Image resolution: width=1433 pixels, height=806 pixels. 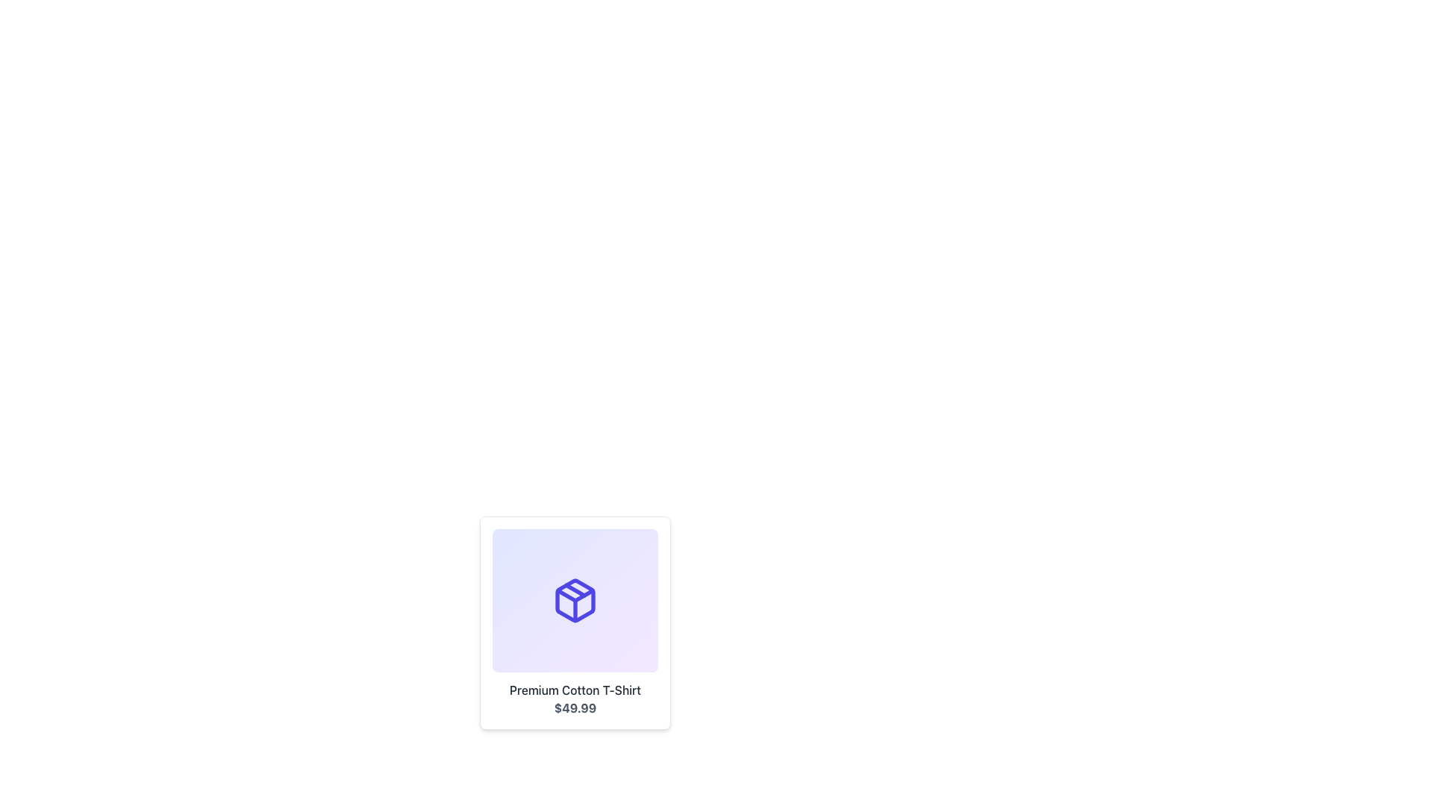 I want to click on the static text label displaying 'Premium Cotton T-Shirt', which is positioned below the icon and above the price text '$49.99' in the card layout, so click(x=575, y=690).